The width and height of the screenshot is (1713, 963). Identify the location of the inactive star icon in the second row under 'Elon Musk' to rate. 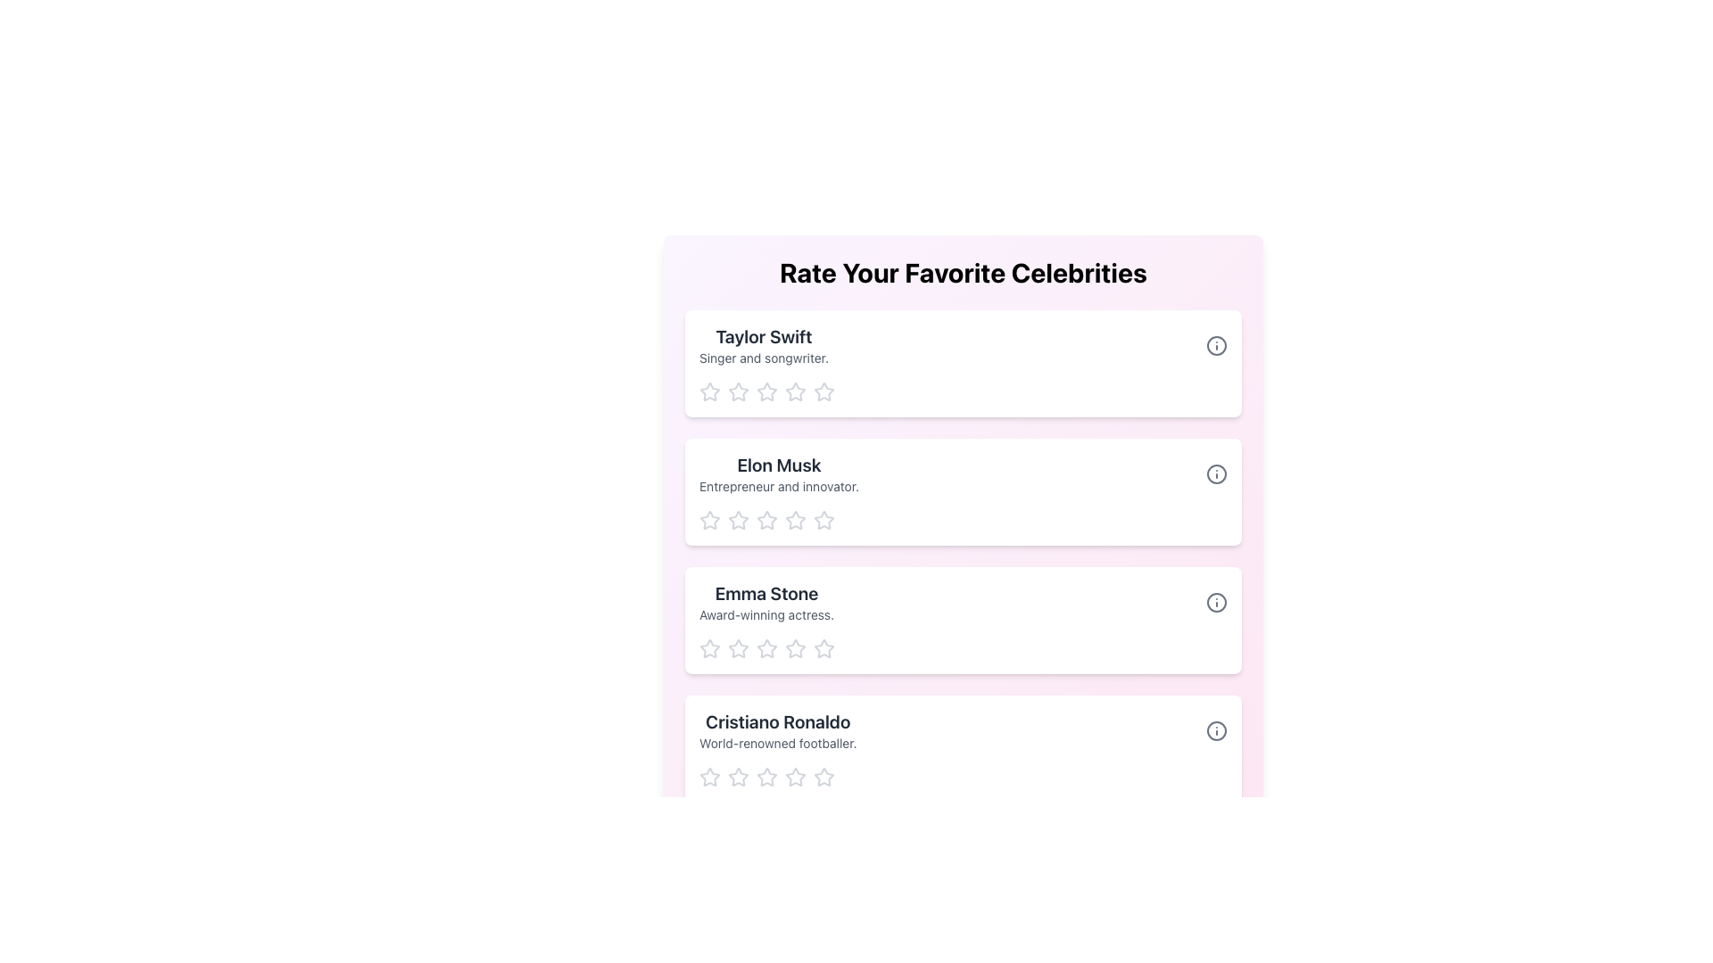
(739, 520).